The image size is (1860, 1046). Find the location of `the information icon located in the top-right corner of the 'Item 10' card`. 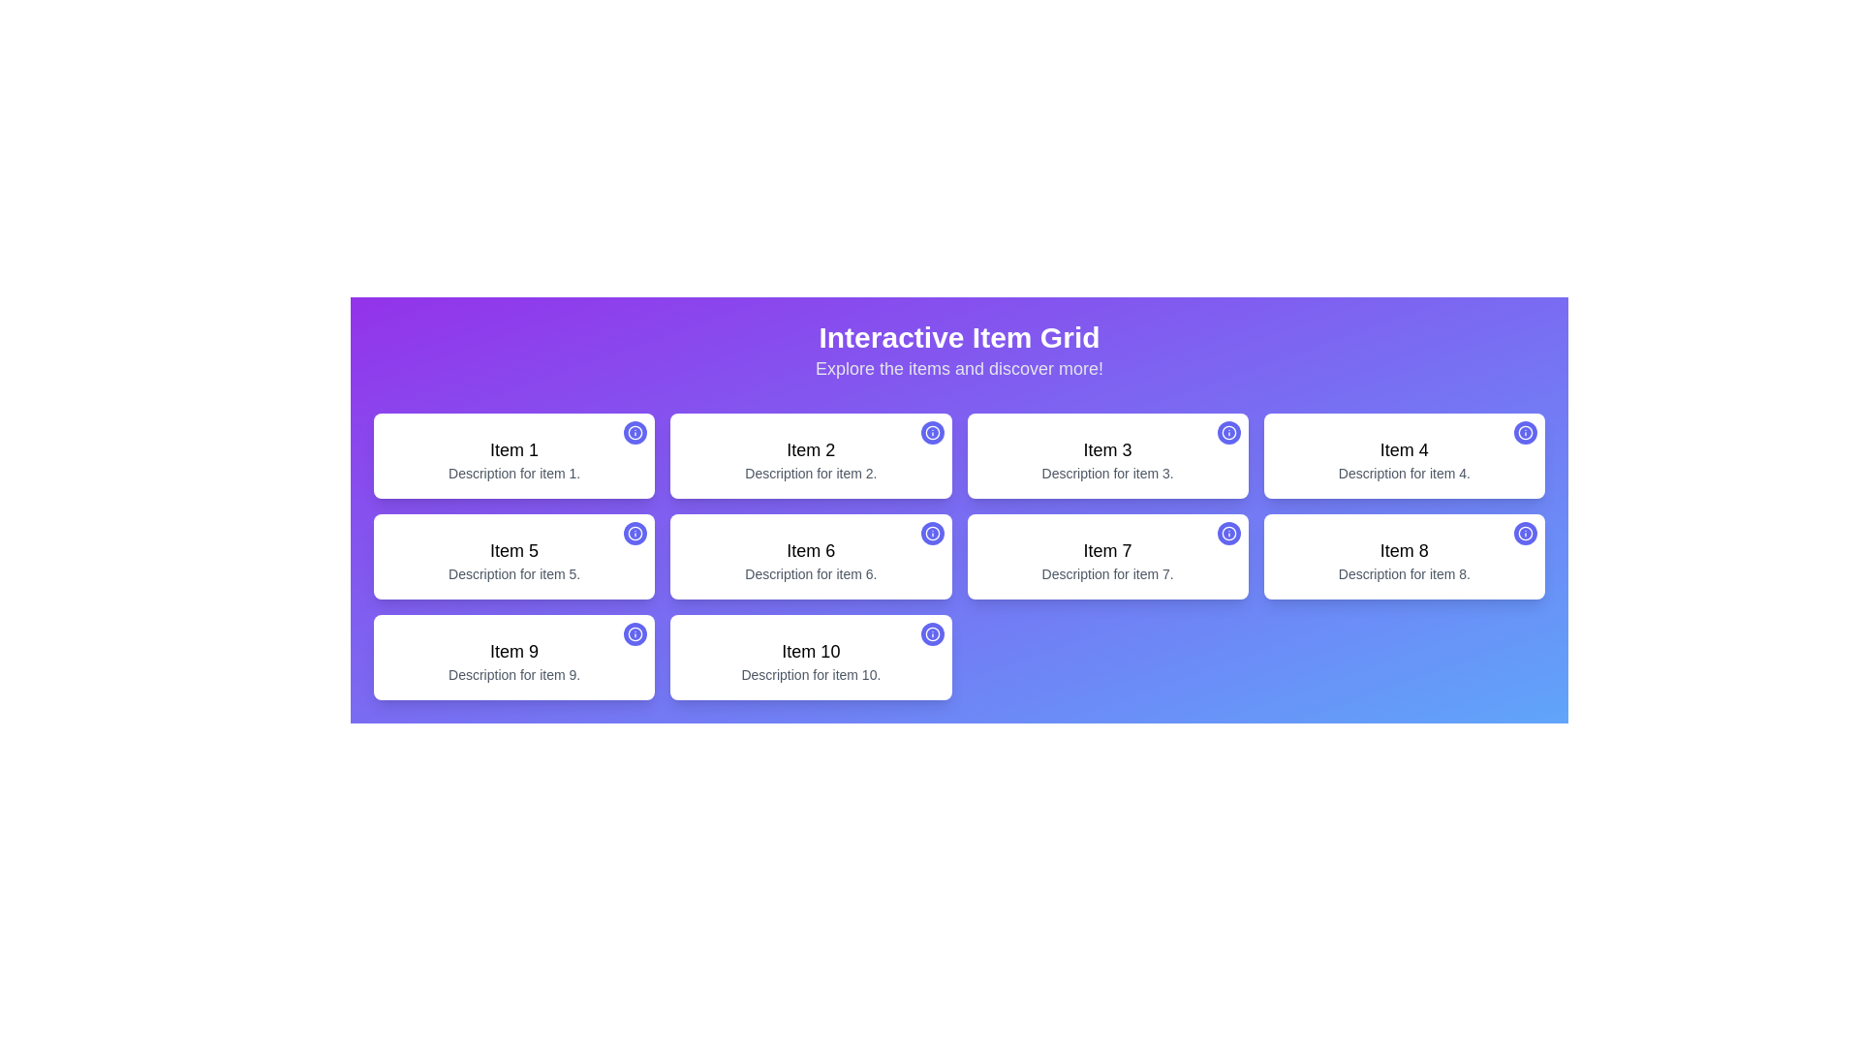

the information icon located in the top-right corner of the 'Item 10' card is located at coordinates (932, 634).